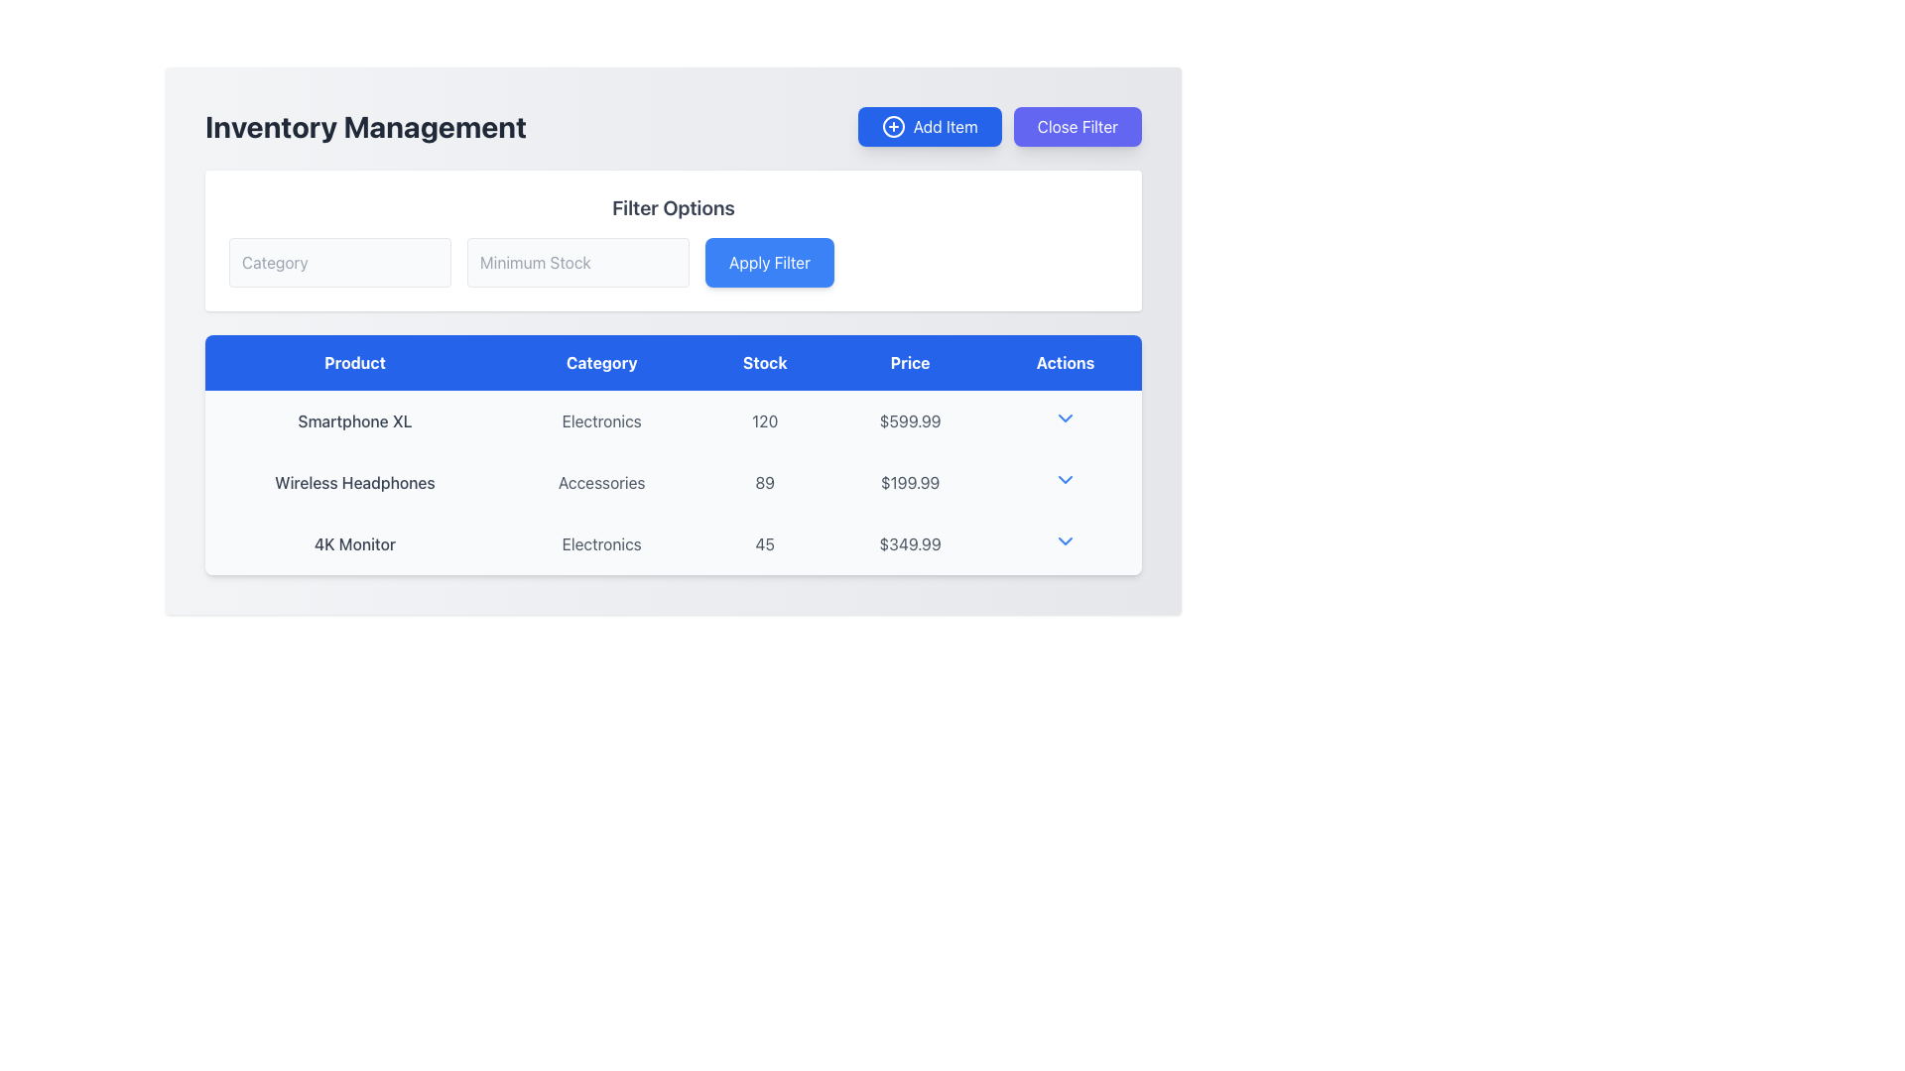  I want to click on the 'Add Item' button, which is part of a button group located on the right side of the header area, to initiate the addition of an item, so click(999, 126).